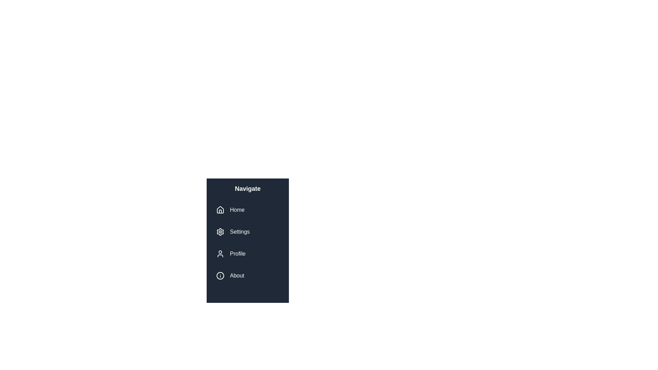  Describe the element at coordinates (220, 275) in the screenshot. I see `the central circular SVG element of the 'About' menu item icon located at the bottom of the navigation menu` at that location.